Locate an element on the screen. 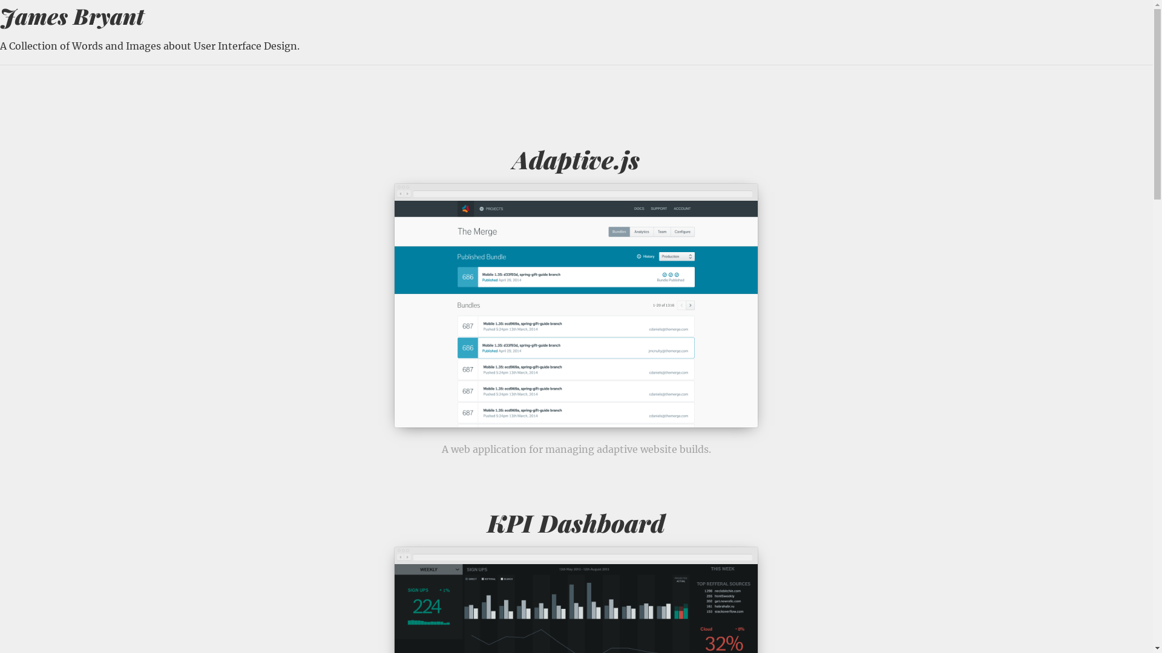  'James Bryant' is located at coordinates (71, 16).